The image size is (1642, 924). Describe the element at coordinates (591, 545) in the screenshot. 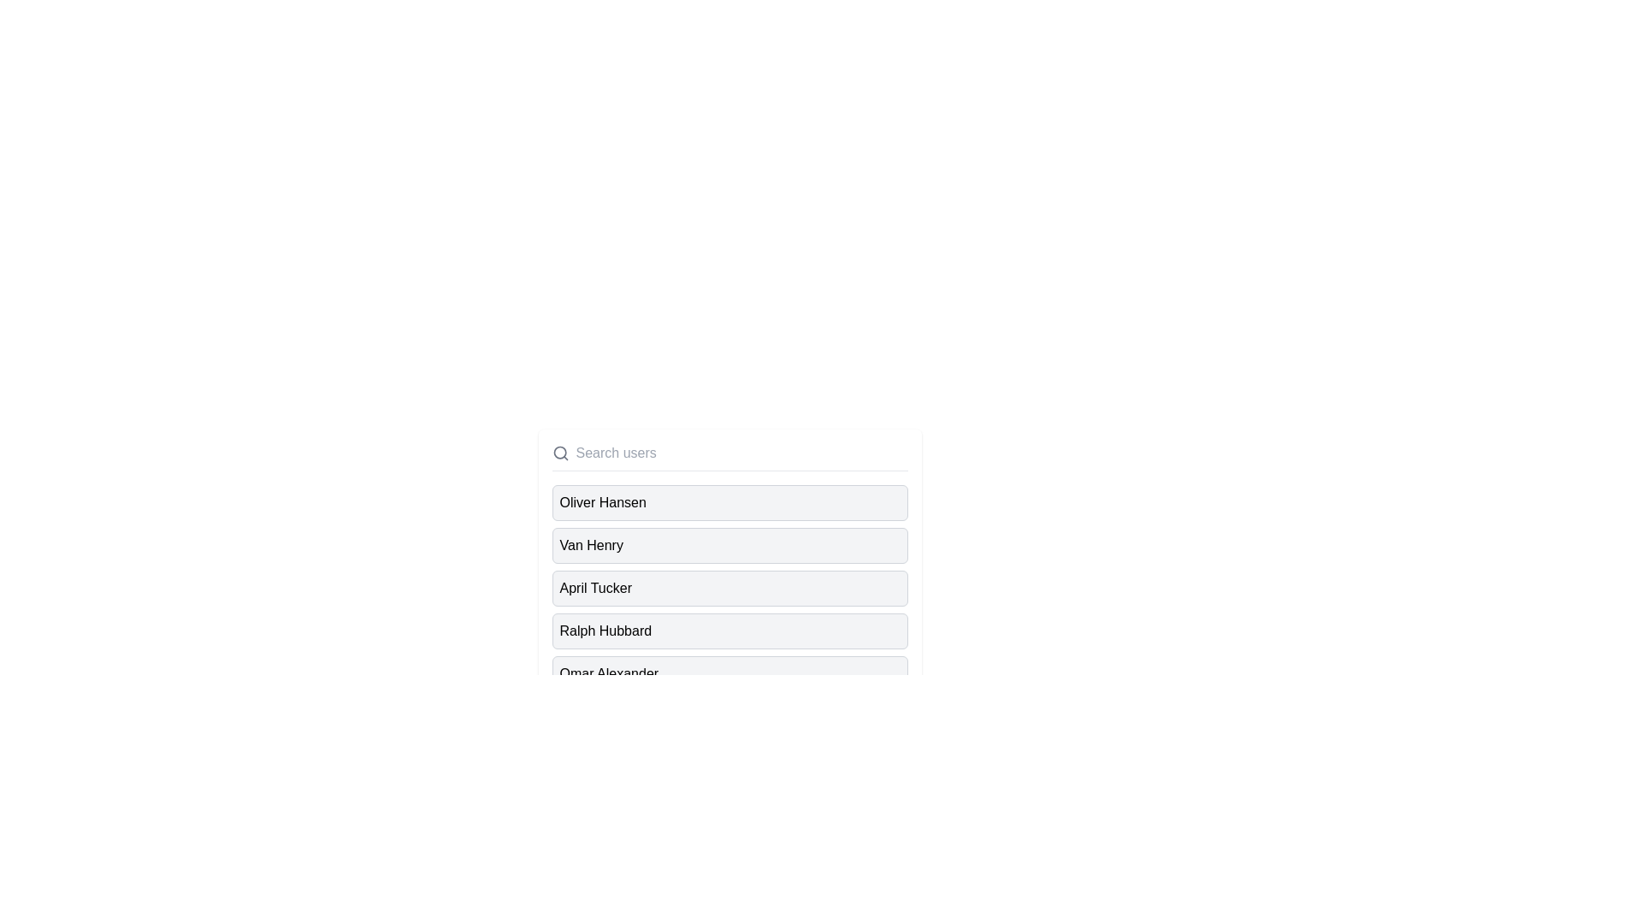

I see `the text node displaying the name 'Van Henry'` at that location.